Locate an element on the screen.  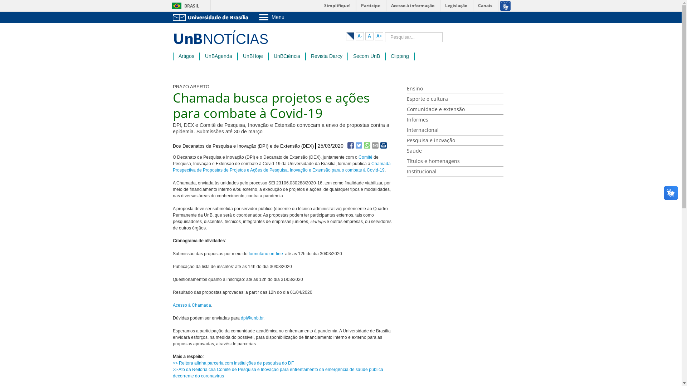
'A+' is located at coordinates (374, 36).